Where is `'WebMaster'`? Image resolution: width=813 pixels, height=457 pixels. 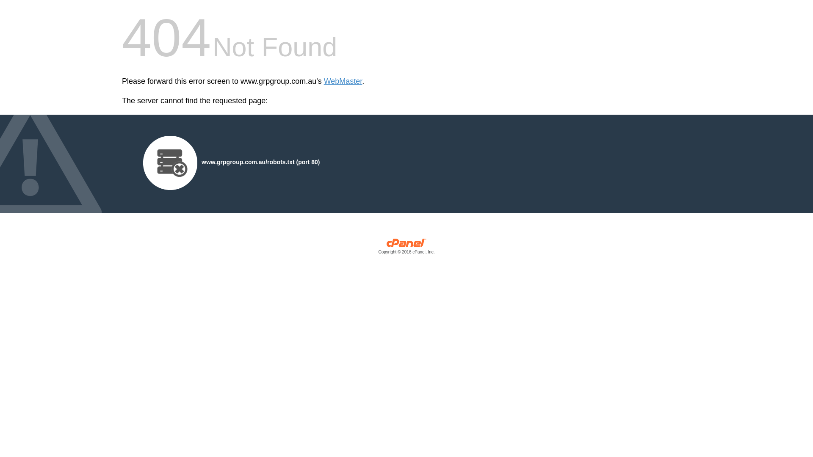 'WebMaster' is located at coordinates (343, 81).